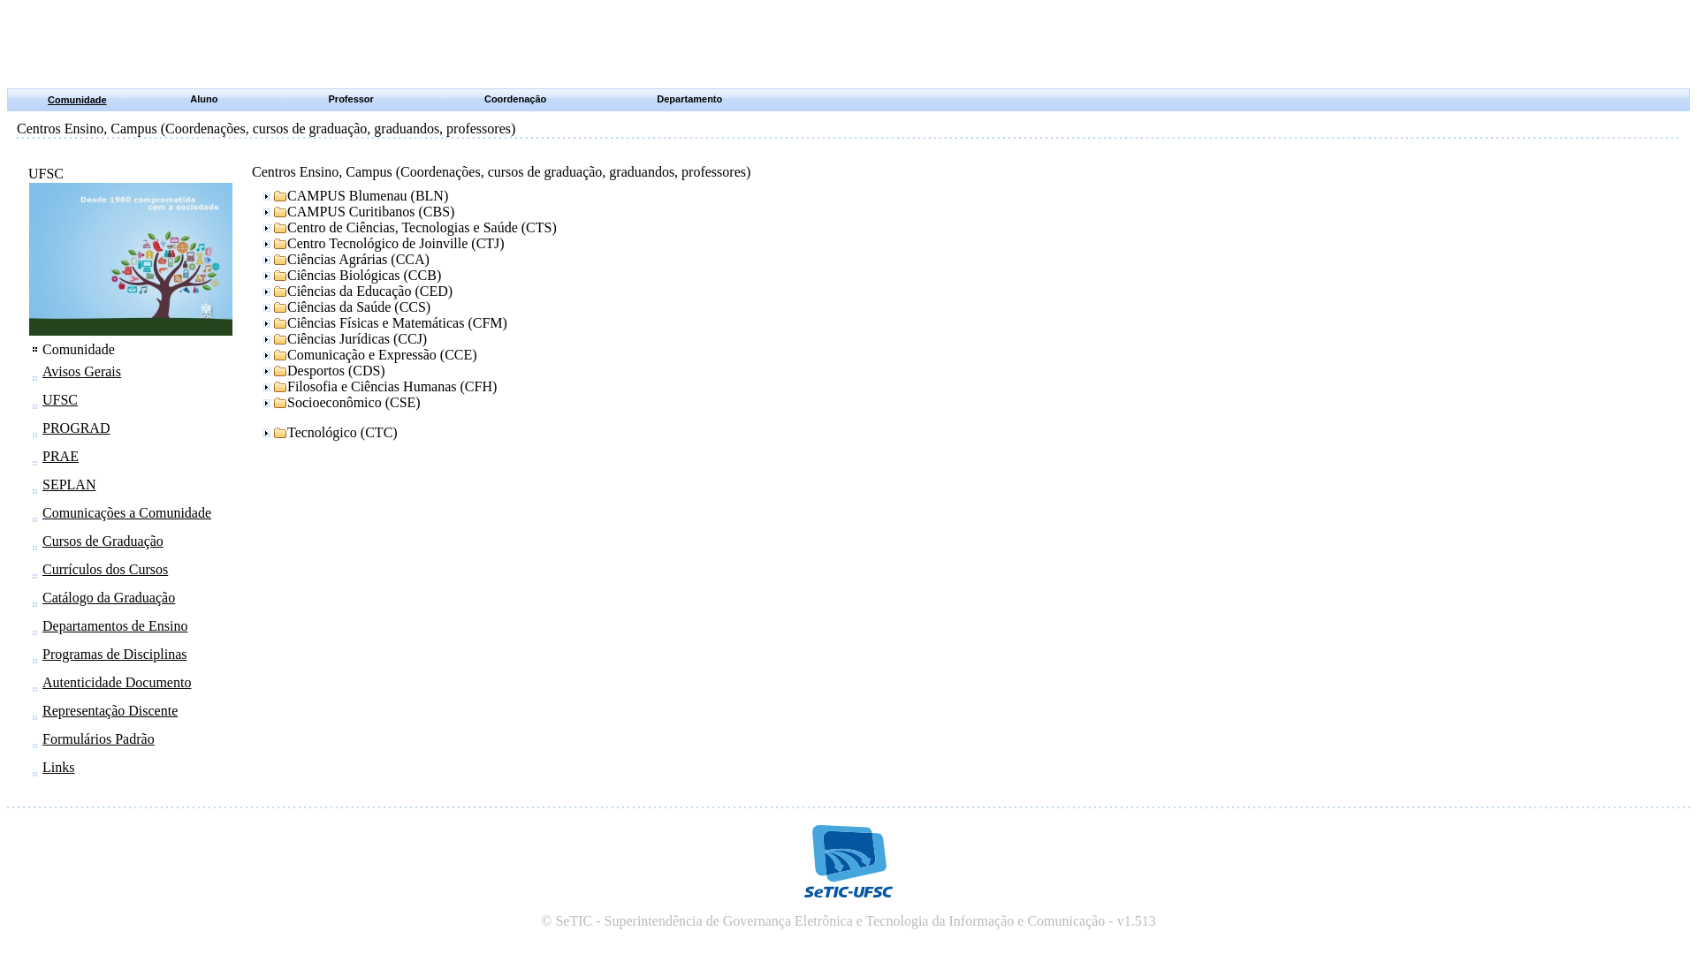 The width and height of the screenshot is (1697, 954). I want to click on 'PROGRAD', so click(75, 428).